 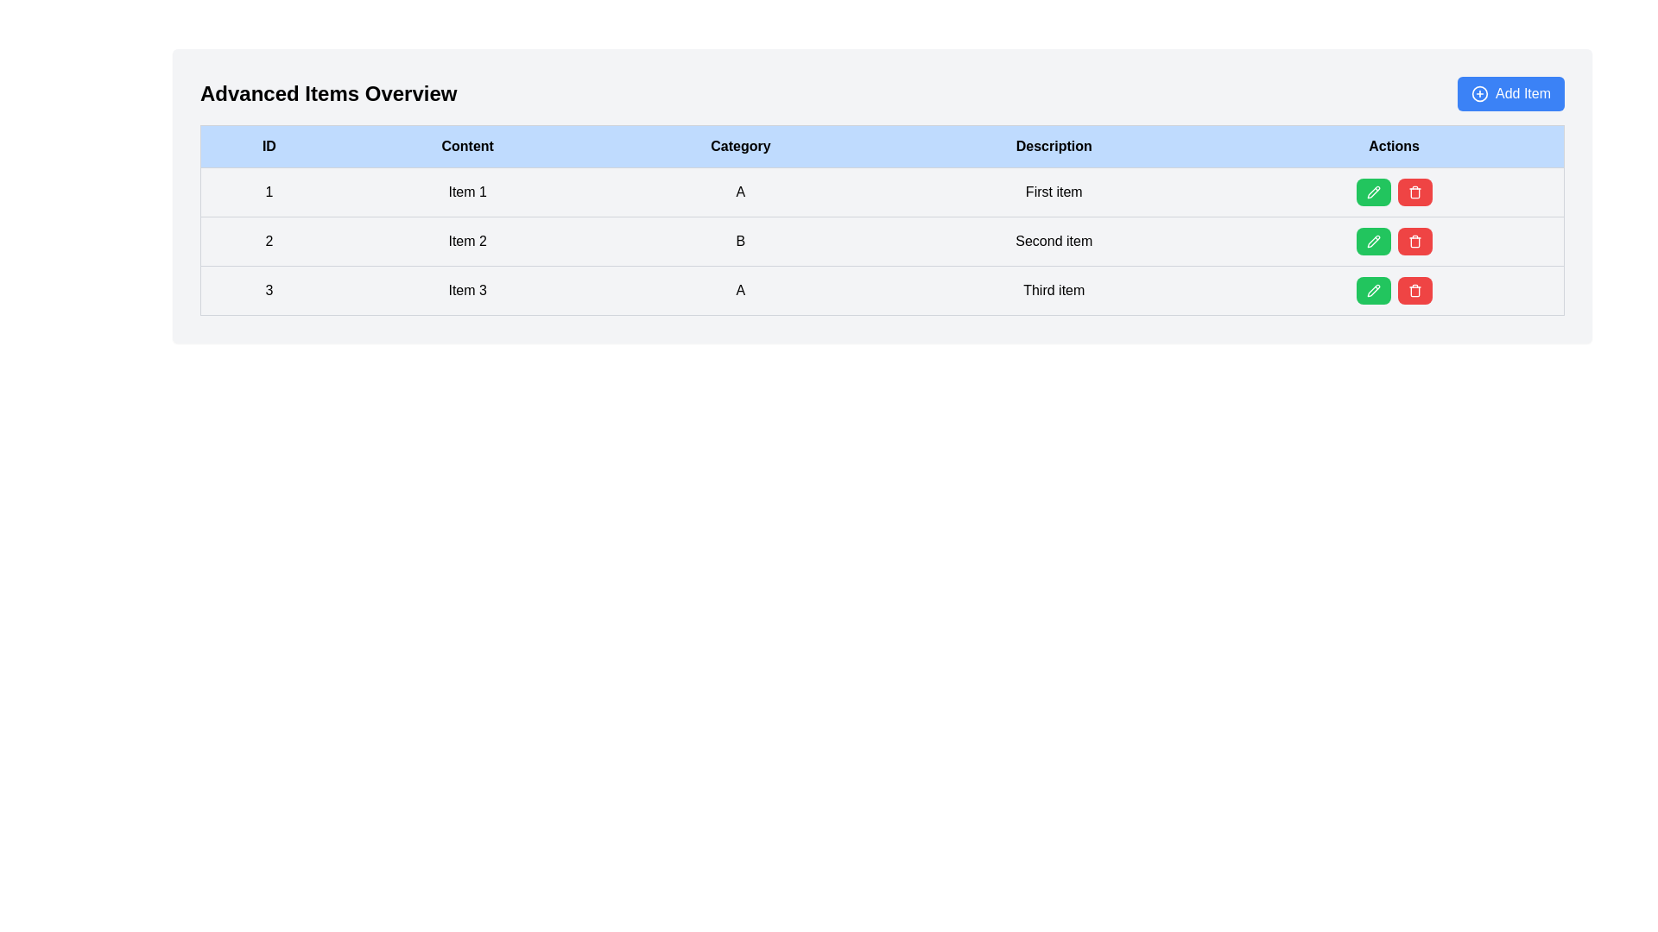 What do you see at coordinates (883, 289) in the screenshot?
I see `the third row in the table` at bounding box center [883, 289].